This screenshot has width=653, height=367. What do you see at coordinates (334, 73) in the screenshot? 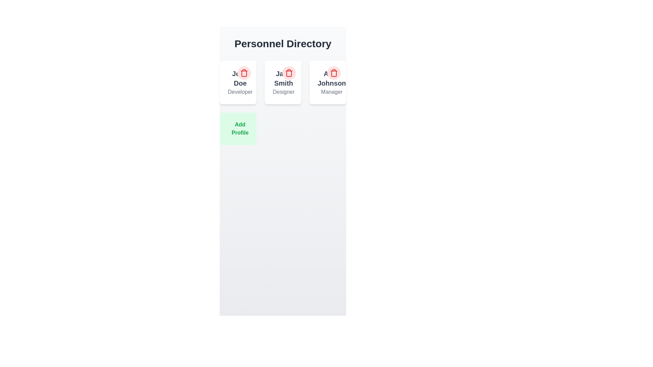
I see `the trash icon button located in the top-right corner of the card displaying information about 'Alice Johnson'` at bounding box center [334, 73].